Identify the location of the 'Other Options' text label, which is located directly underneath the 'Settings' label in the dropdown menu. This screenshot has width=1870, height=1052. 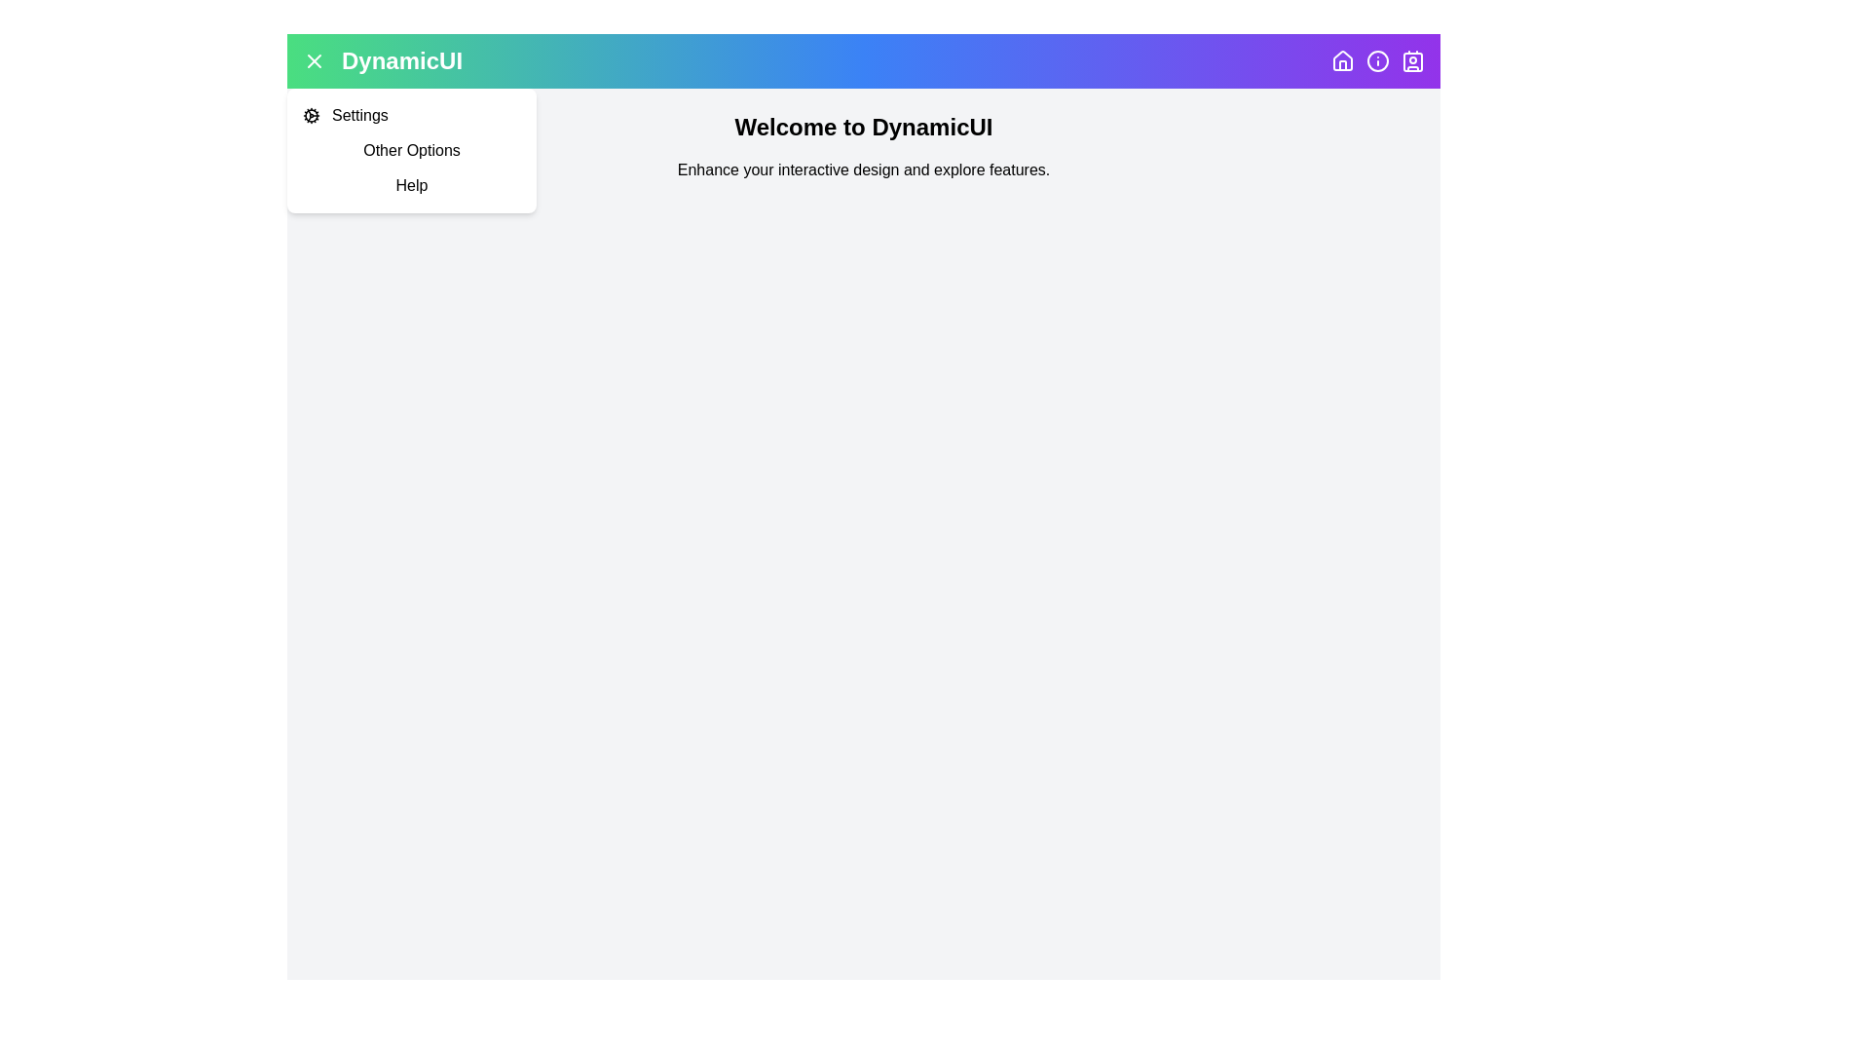
(410, 149).